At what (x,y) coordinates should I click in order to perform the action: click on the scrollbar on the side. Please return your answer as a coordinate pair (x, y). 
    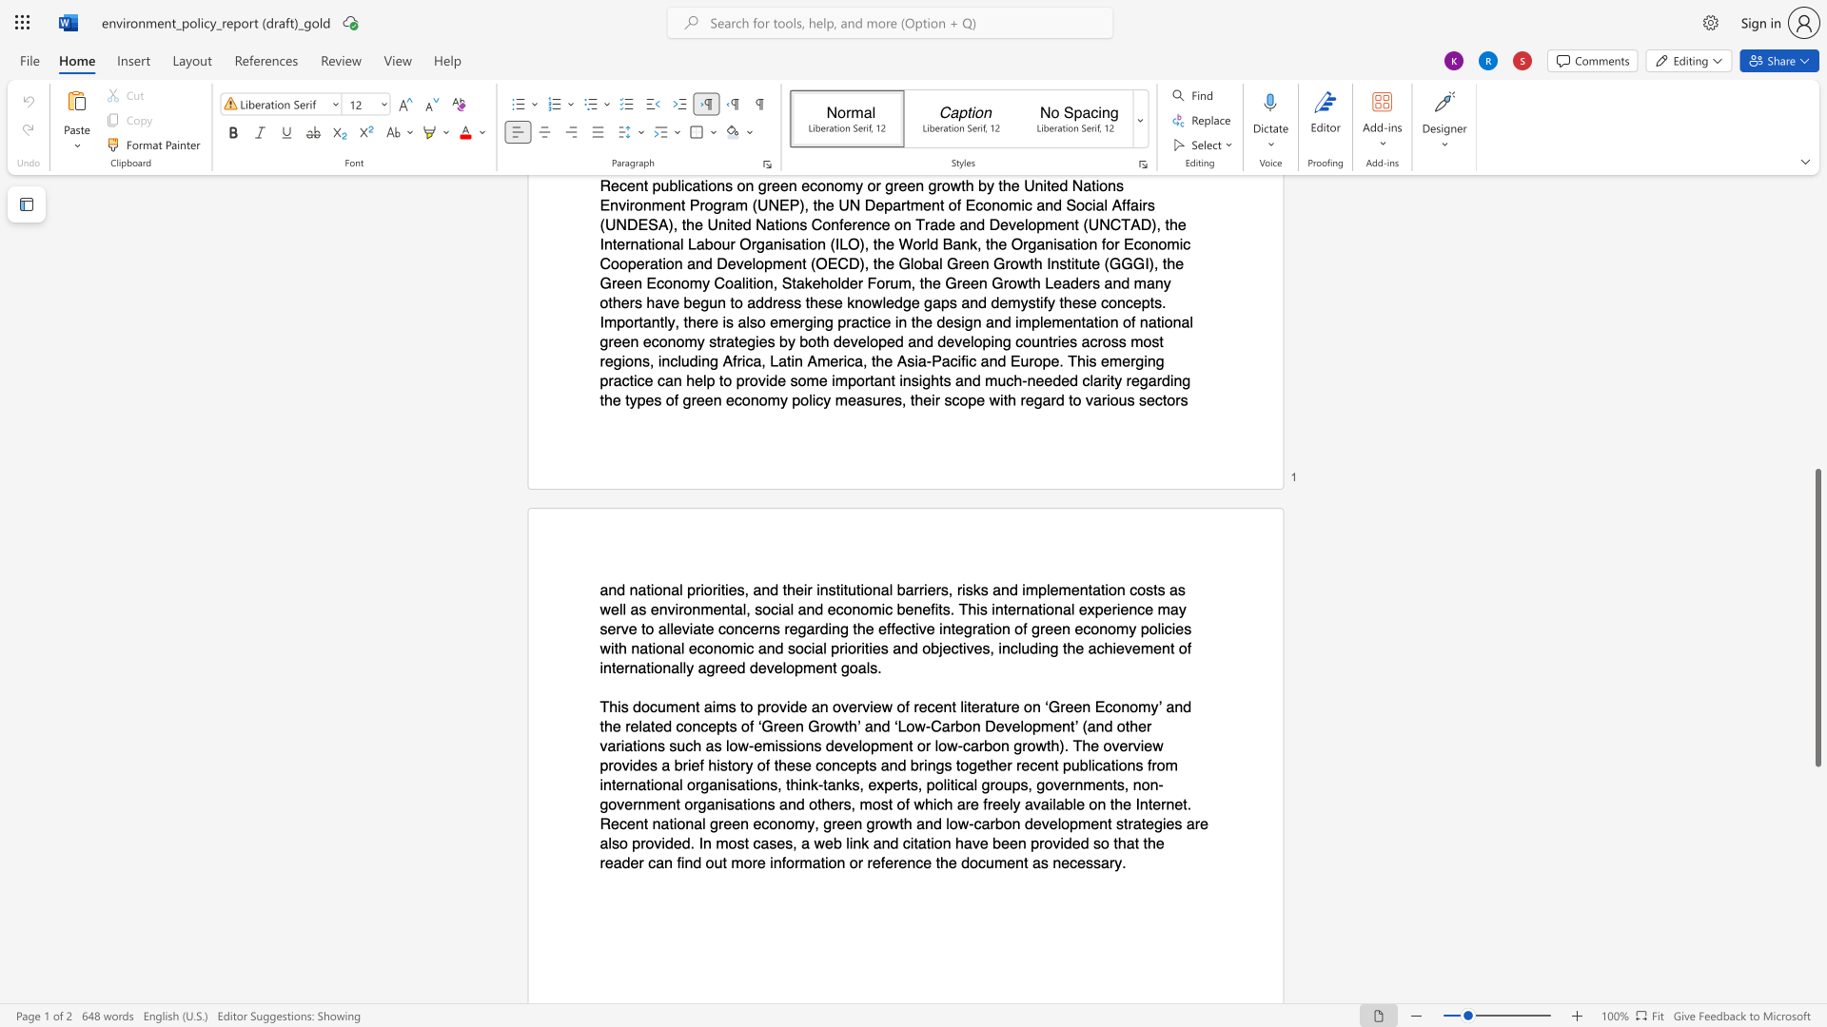
    Looking at the image, I should click on (1817, 428).